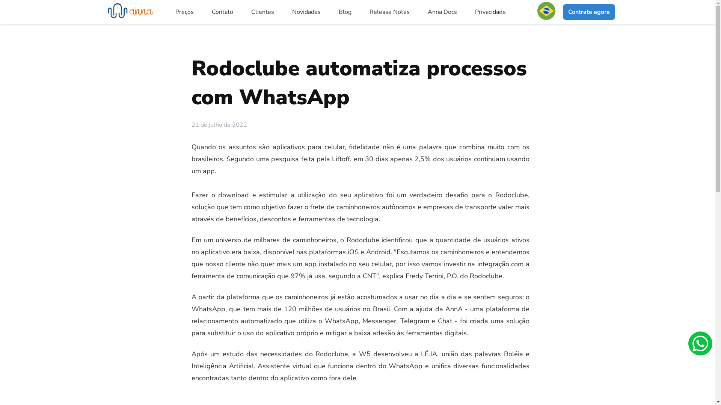  Describe the element at coordinates (588, 12) in the screenshot. I see `'Contrate agora'` at that location.